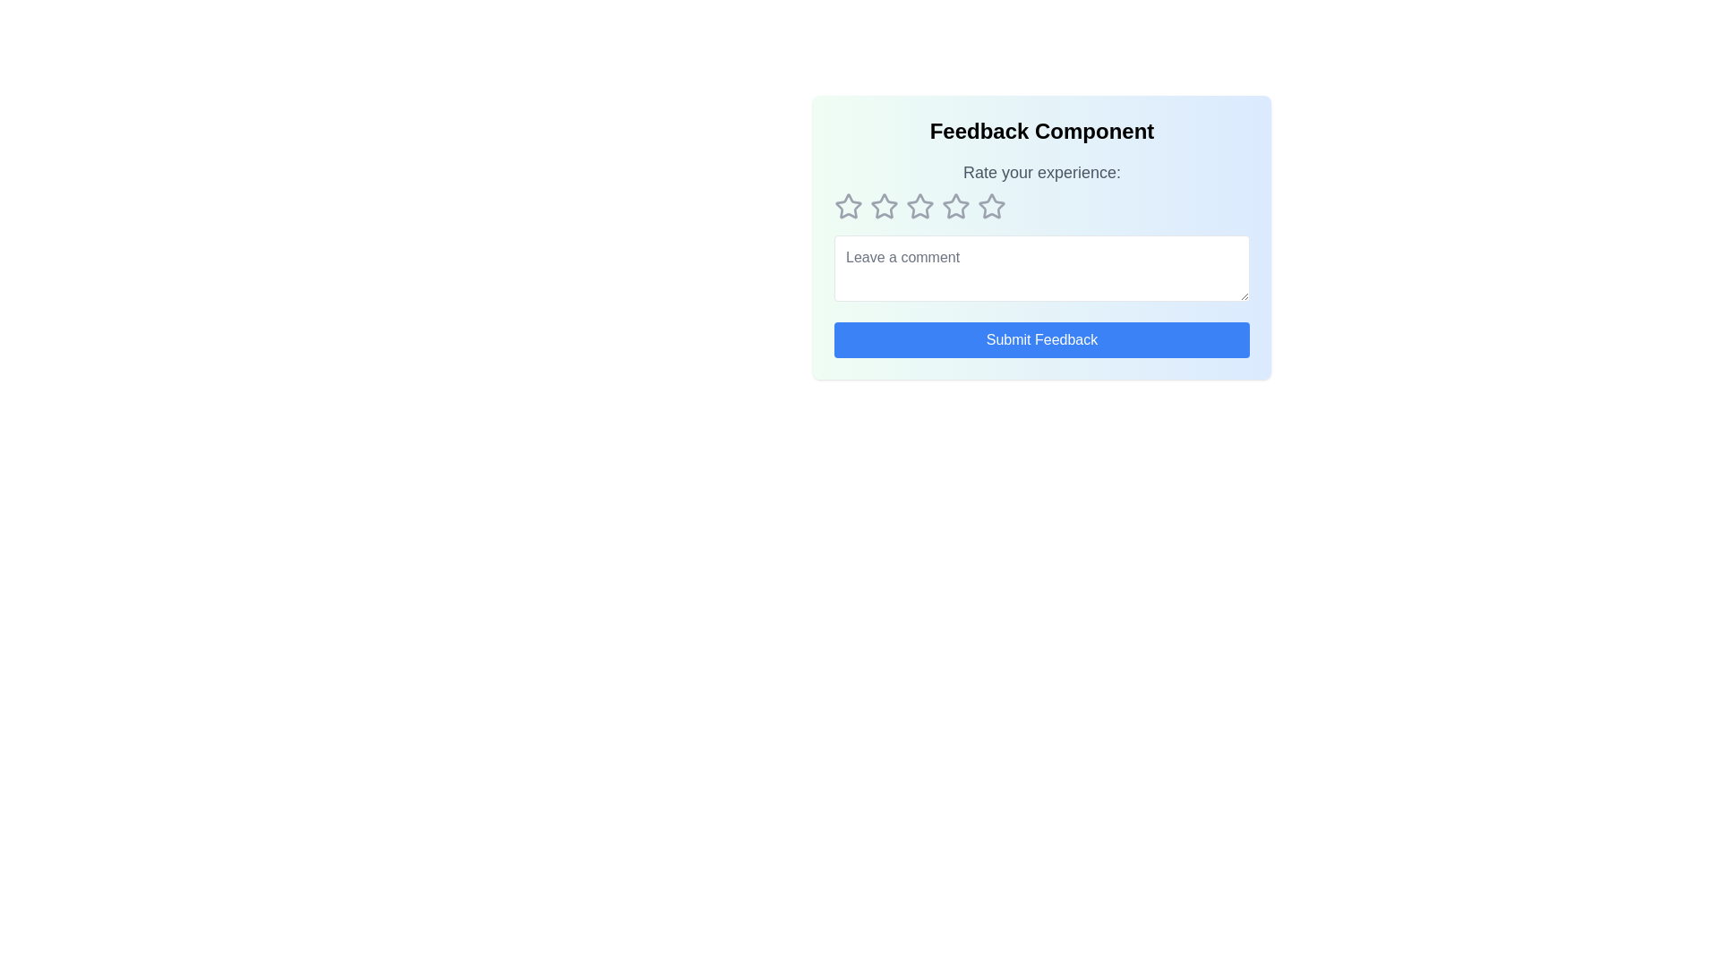 Image resolution: width=1719 pixels, height=967 pixels. I want to click on the fourth star icon in the rating system, which is styled with gray tones and located below the text 'Rate your experience:', so click(991, 206).